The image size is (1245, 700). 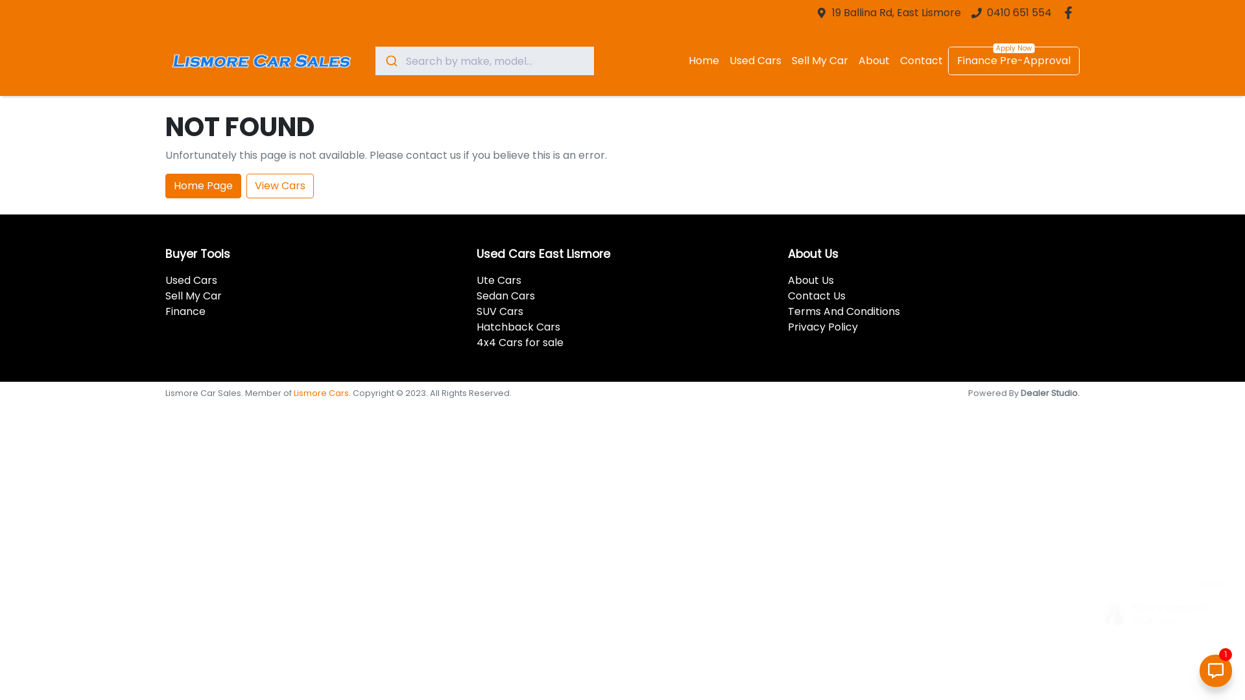 I want to click on 'Terms And Conditions', so click(x=844, y=311).